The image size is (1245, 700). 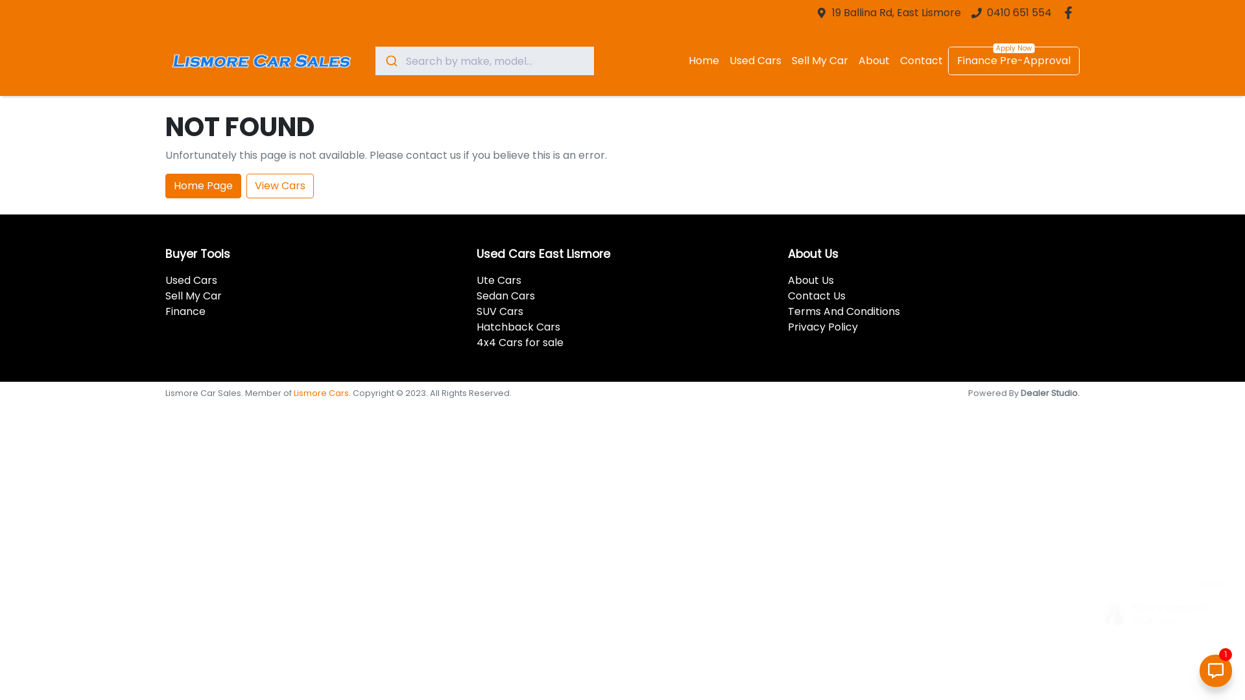 I want to click on 'Terms And Conditions', so click(x=844, y=311).